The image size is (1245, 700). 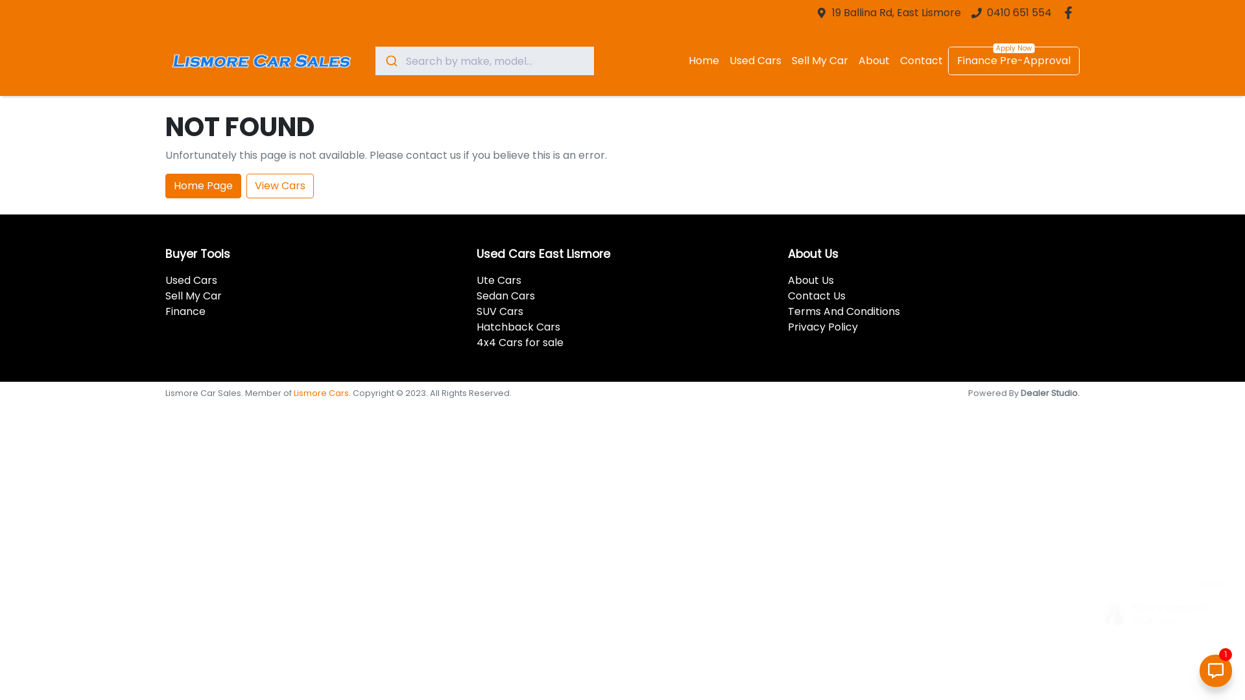 I want to click on 'Terms And Conditions', so click(x=844, y=311).